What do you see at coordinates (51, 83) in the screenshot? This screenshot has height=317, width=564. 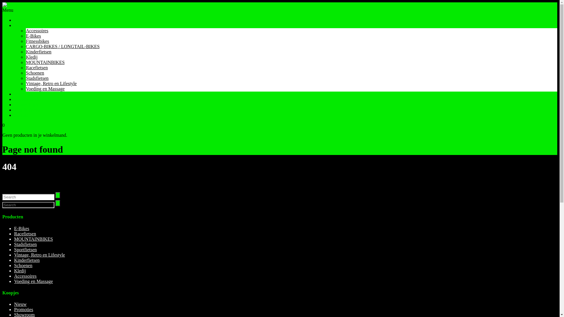 I see `'Vintage, Retro en Lifestyle'` at bounding box center [51, 83].